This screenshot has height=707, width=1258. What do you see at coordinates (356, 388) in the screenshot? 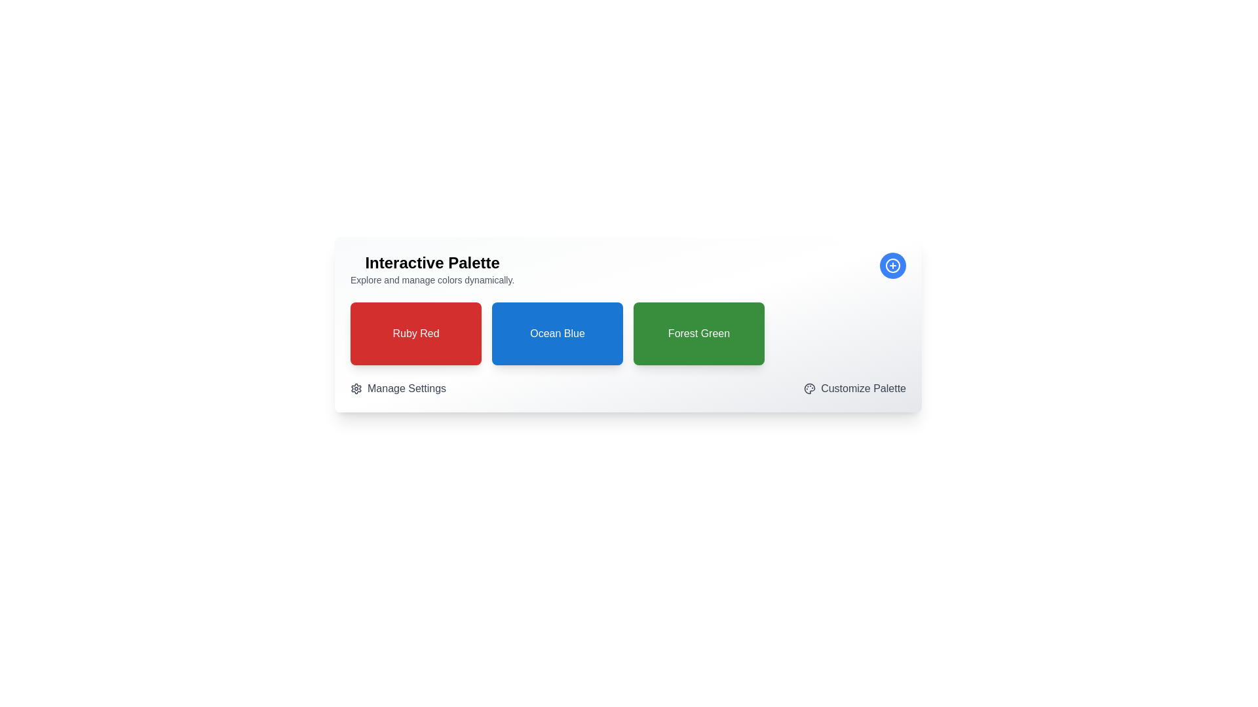
I see `the gear icon, which is styled in a simplified outline design and located beside the text labeled 'Manage Settings', to trigger a tooltip or visual response` at bounding box center [356, 388].